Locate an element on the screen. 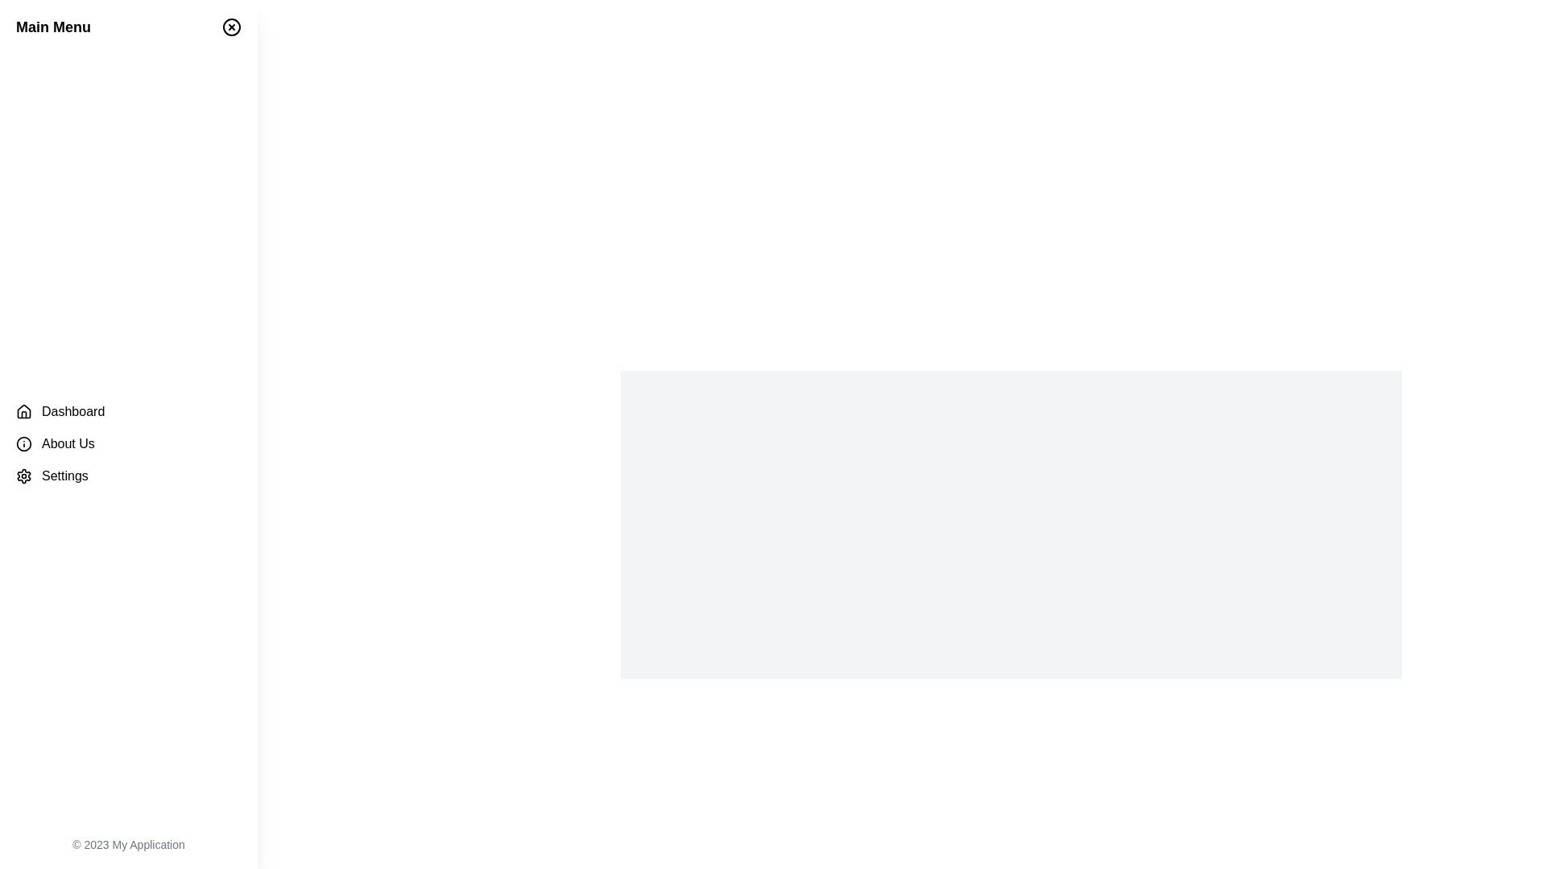 The height and width of the screenshot is (869, 1546). the 'Dashboard' icon in the left-hand side navigation bar is located at coordinates (23, 410).